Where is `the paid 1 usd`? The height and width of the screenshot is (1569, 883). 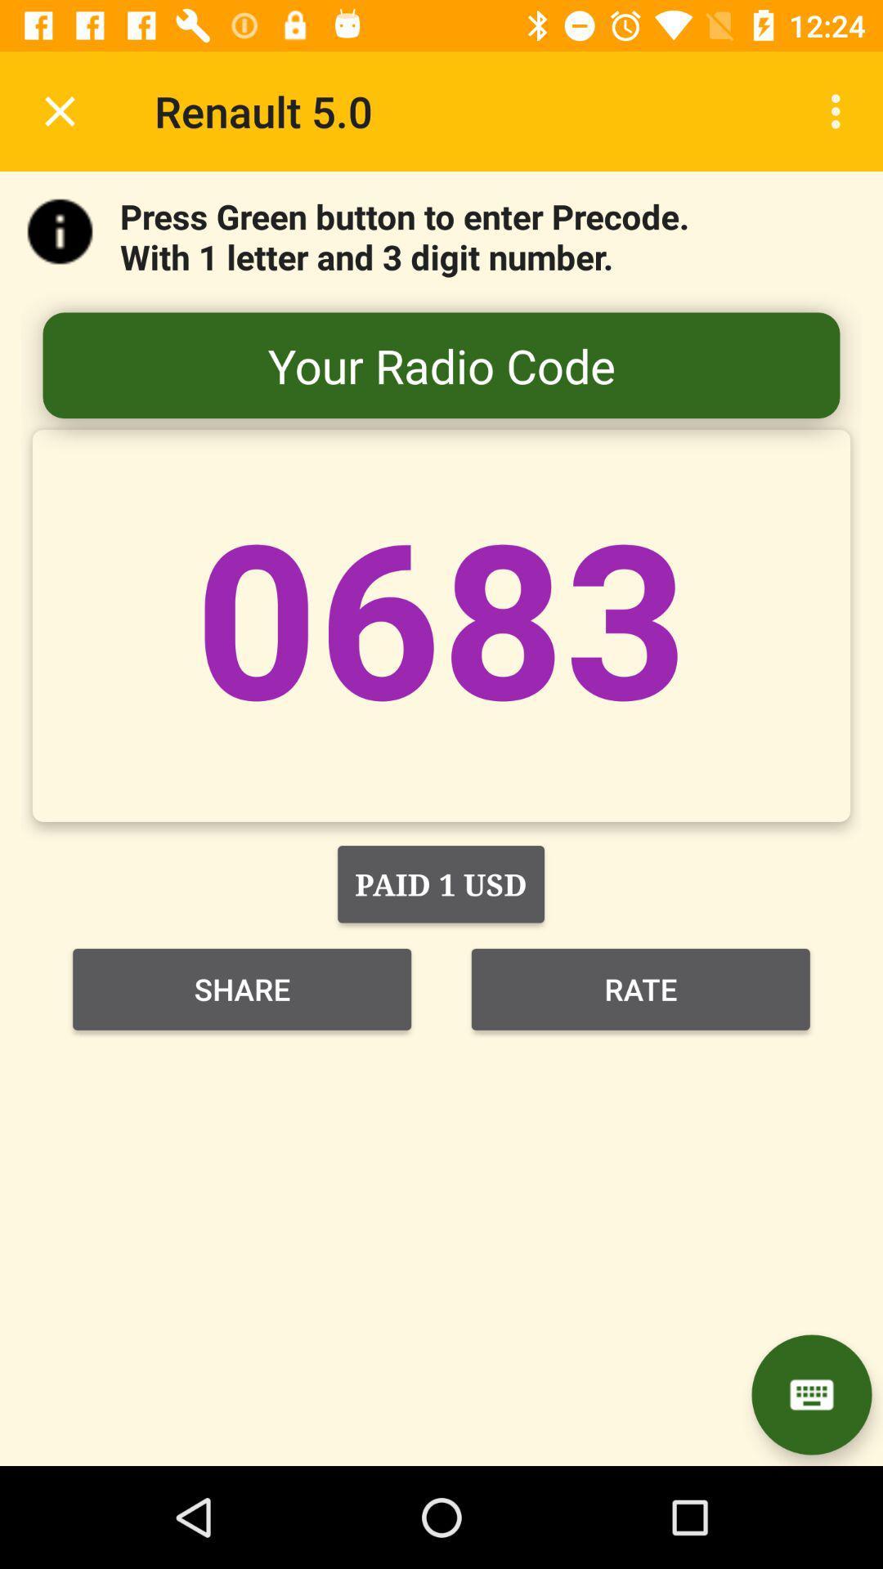
the paid 1 usd is located at coordinates (440, 883).